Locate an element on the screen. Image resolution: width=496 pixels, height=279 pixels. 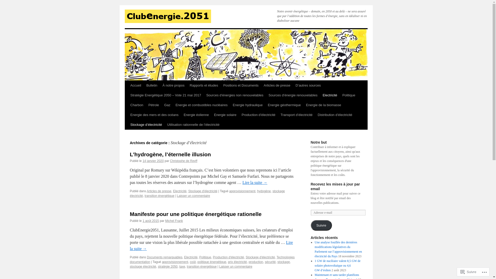
'Energie hydraulique' is located at coordinates (247, 105).